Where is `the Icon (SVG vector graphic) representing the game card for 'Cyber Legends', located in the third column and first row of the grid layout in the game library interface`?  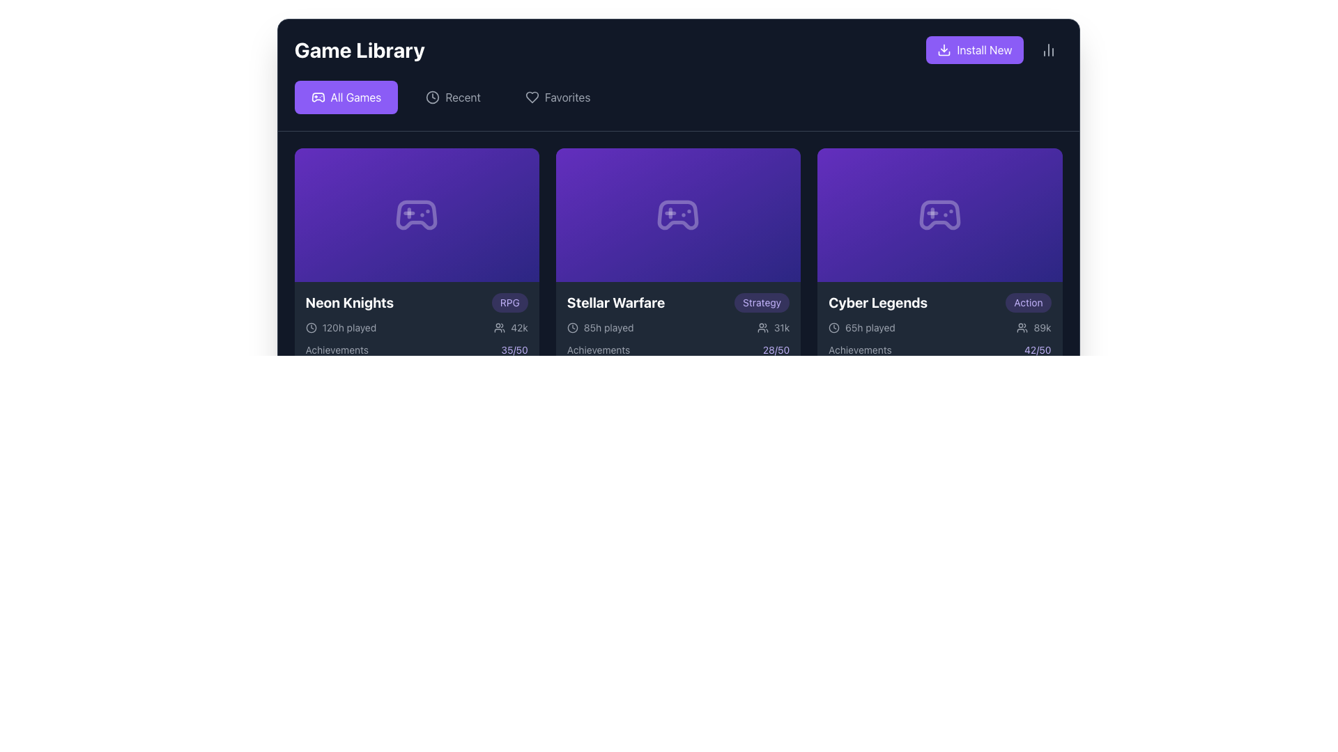
the Icon (SVG vector graphic) representing the game card for 'Cyber Legends', located in the third column and first row of the grid layout in the game library interface is located at coordinates (939, 214).